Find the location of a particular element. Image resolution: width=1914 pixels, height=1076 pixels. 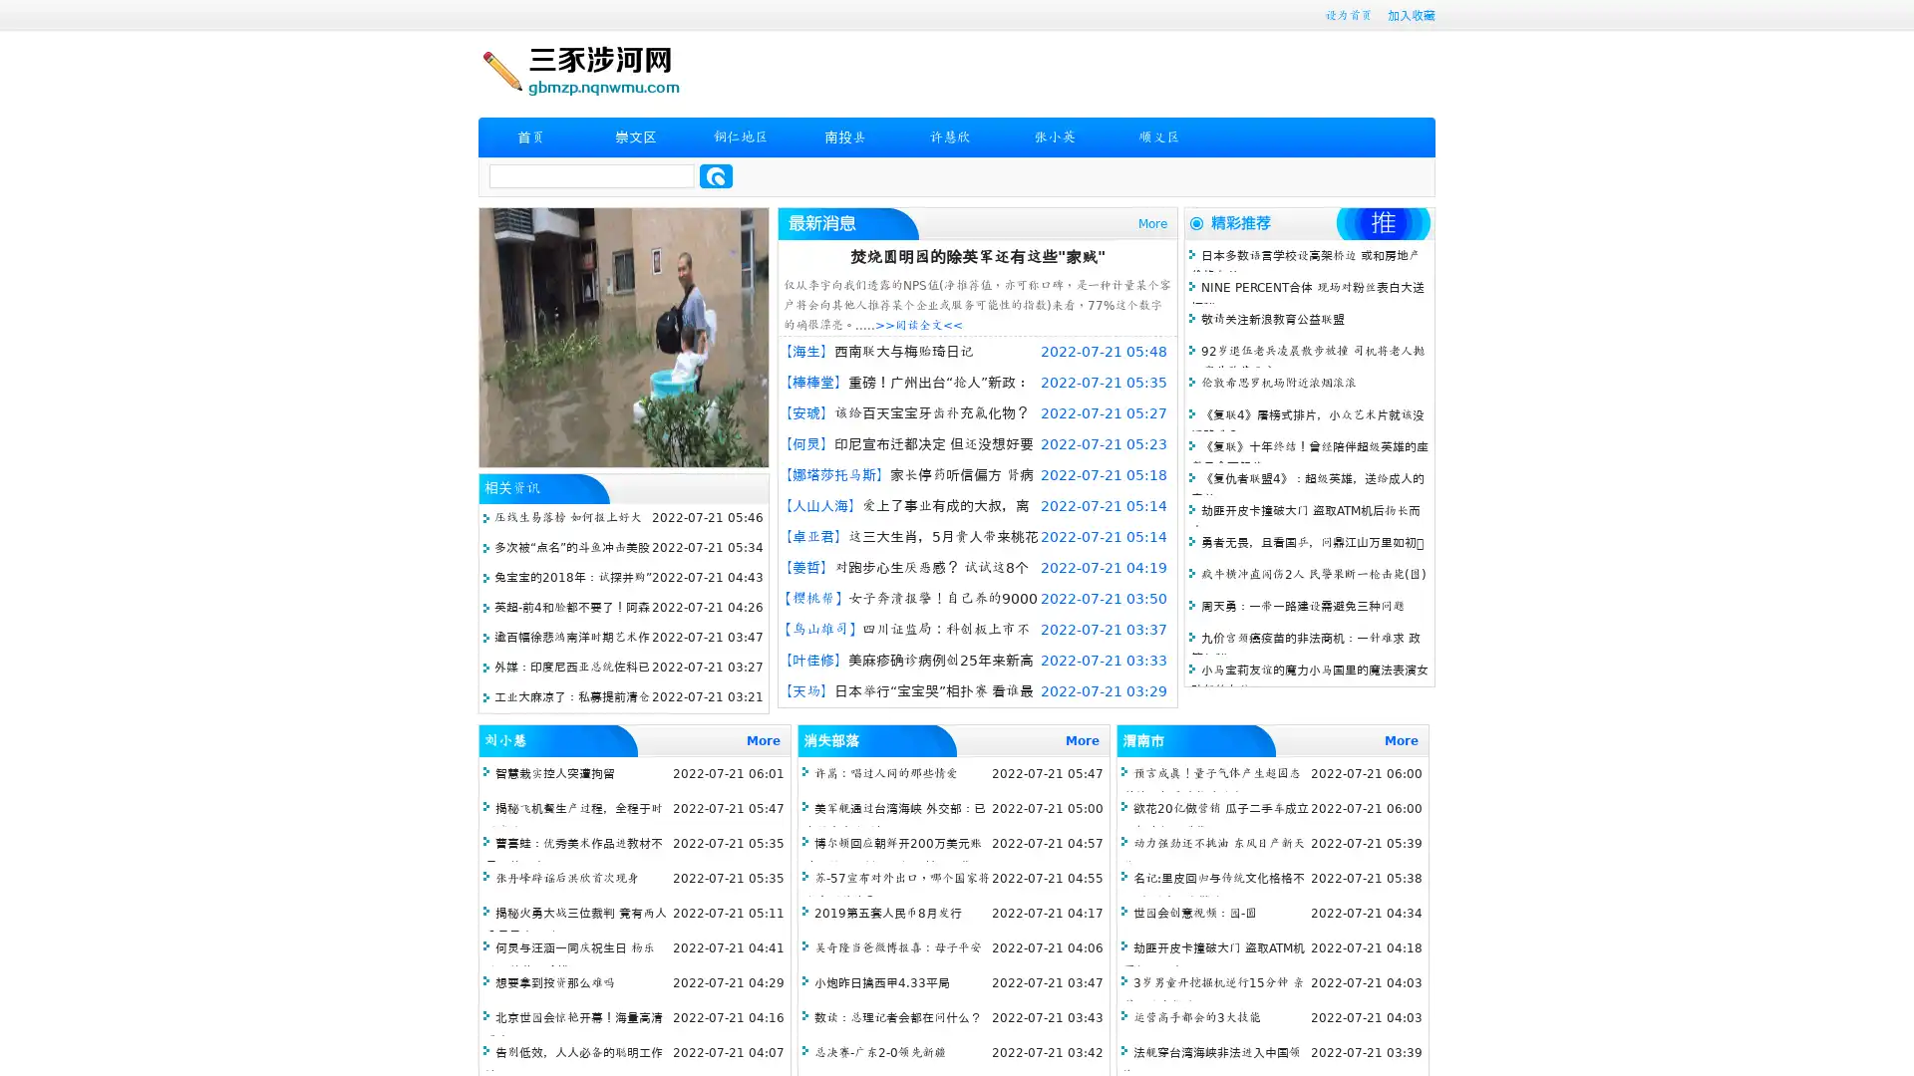

Search is located at coordinates (716, 175).